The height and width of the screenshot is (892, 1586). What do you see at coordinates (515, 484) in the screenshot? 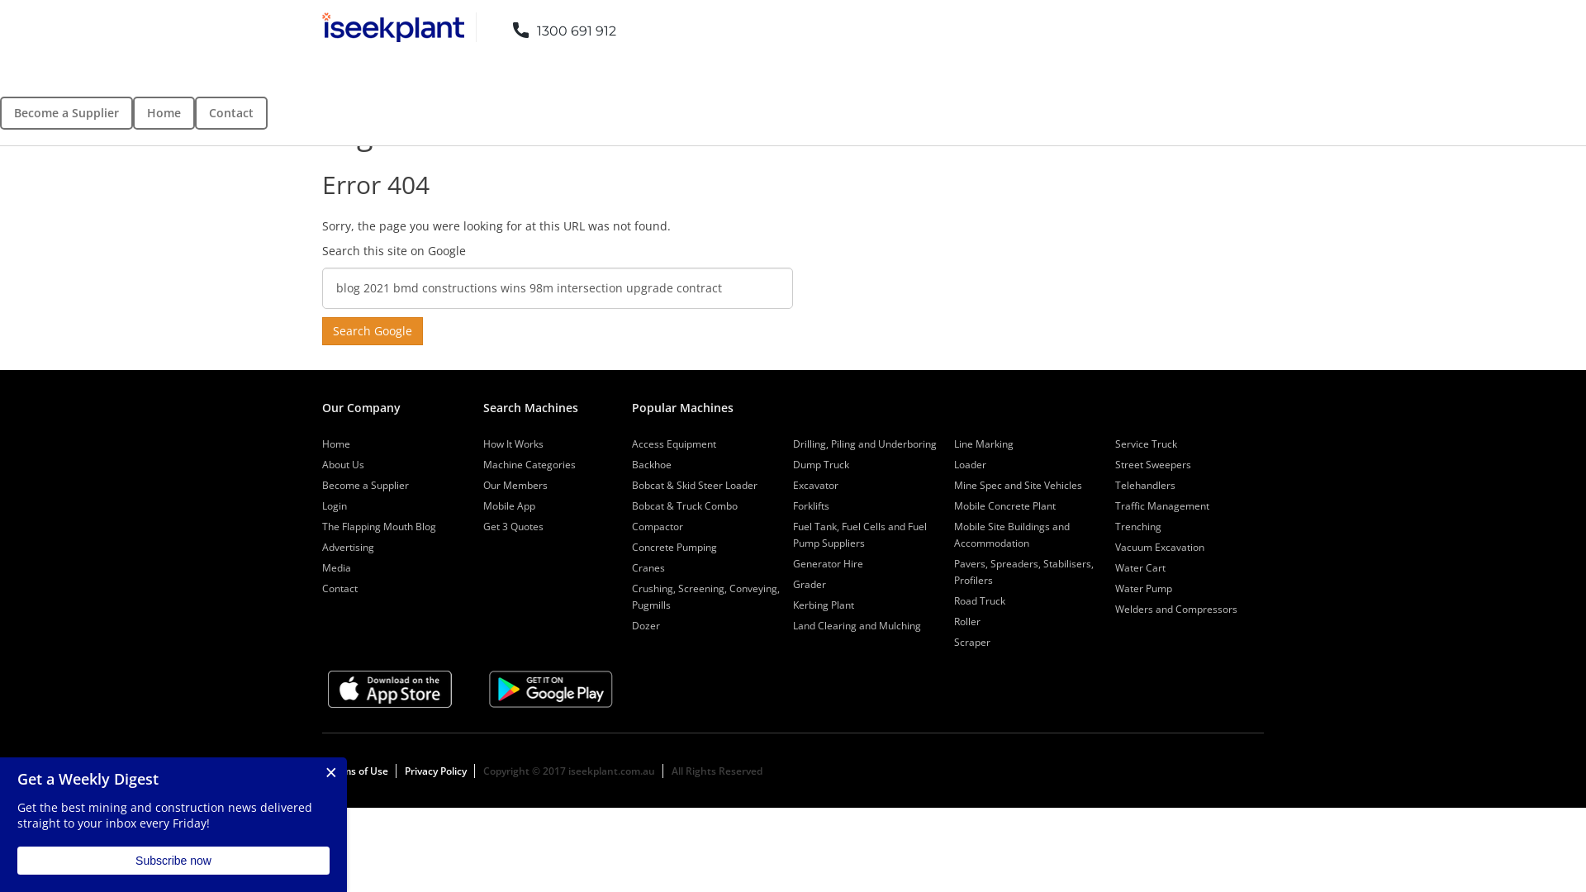
I see `'Our Members'` at bounding box center [515, 484].